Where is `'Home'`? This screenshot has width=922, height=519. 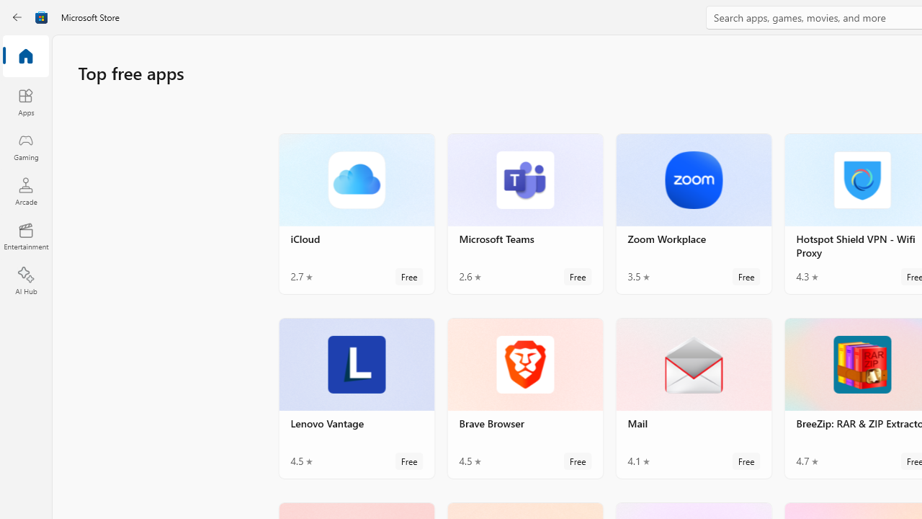
'Home' is located at coordinates (25, 56).